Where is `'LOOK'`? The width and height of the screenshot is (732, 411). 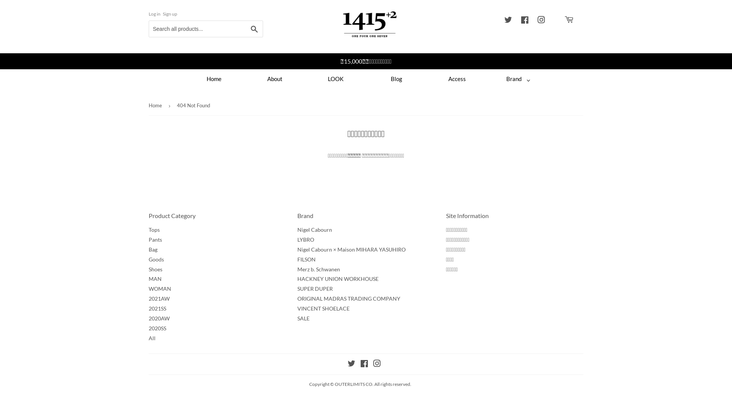 'LOOK' is located at coordinates (335, 79).